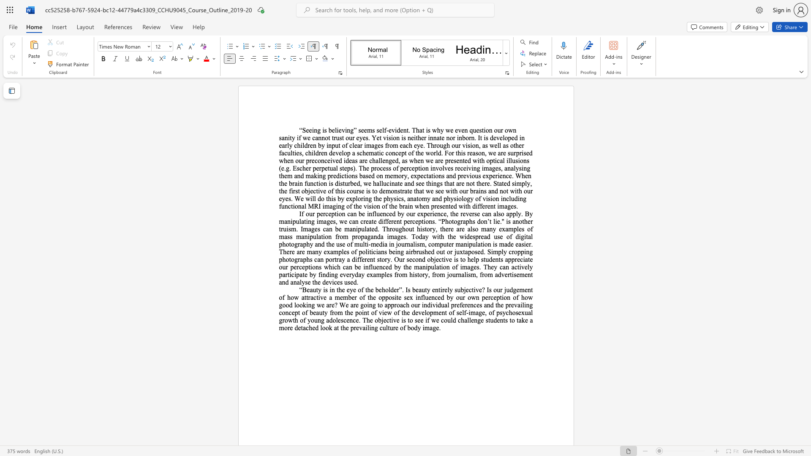 This screenshot has height=456, width=811. Describe the element at coordinates (458, 206) in the screenshot. I see `the subset text "with different image" within the text "involves receiving images, analysing them and making predictions based on memory, expectations and previous experience. When the brain function is disturbed, we hallucinate and see things that are not there. Stated simply, the first objective of this course is to demonstrate that we see with our brains and not with our eyes. We will do this by exploring the physics, anatomy and physiology of vision including functional MRI imaging of the vision of the brain when presented with different images."` at that location.